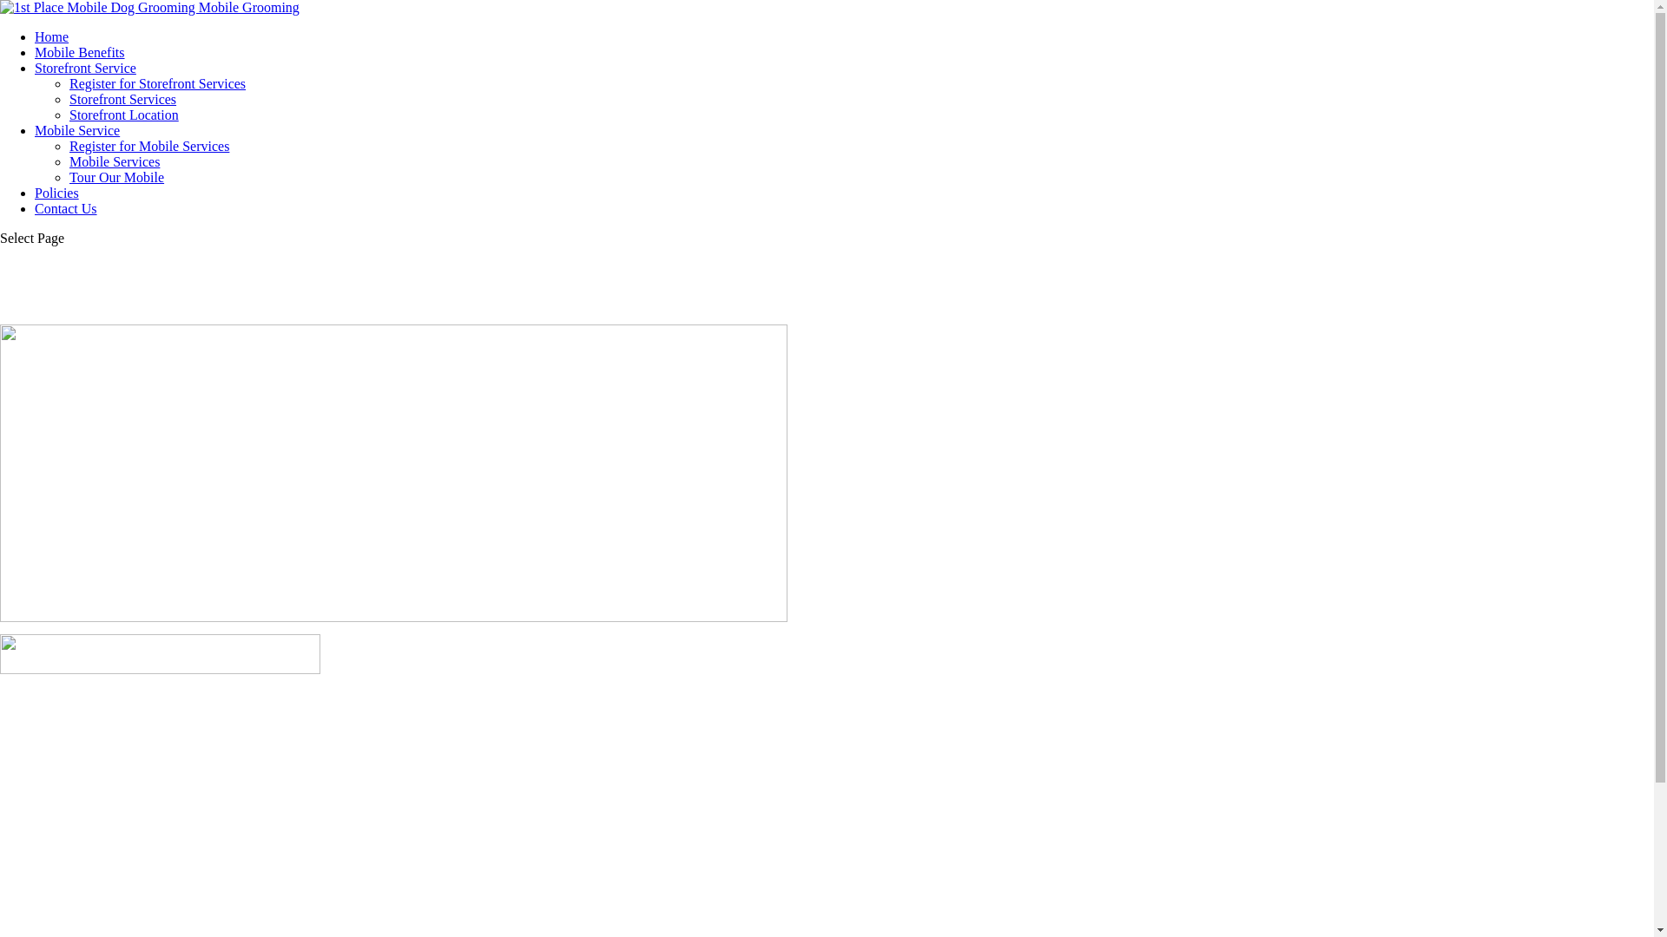 The width and height of the screenshot is (1667, 937). Describe the element at coordinates (0, 653) in the screenshot. I see `'470-452-9484'` at that location.